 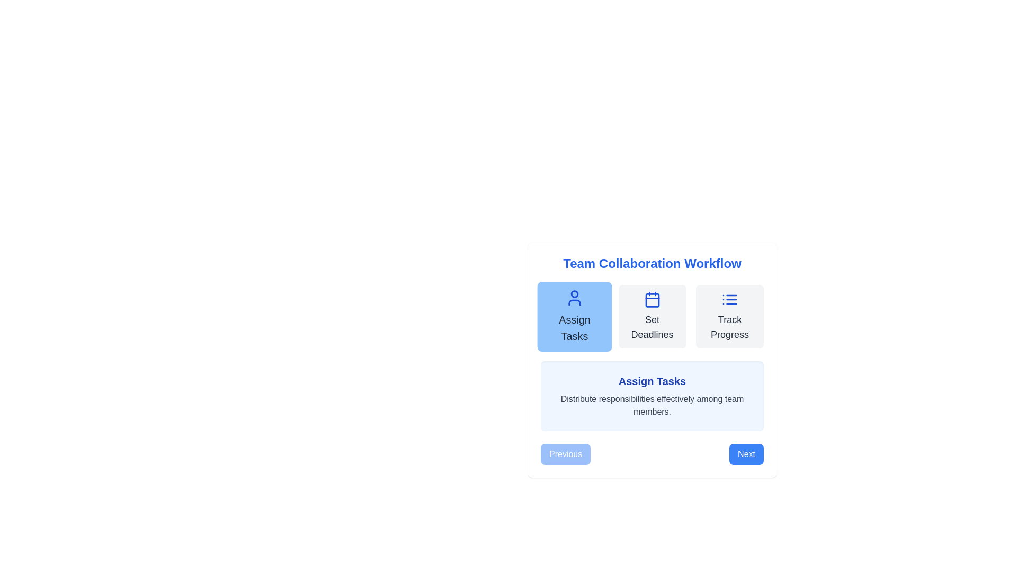 I want to click on the non-interactive text label that serves as the title for the section dedicated to assigning tasks, located at the top of the central section within a rounded rectangular box, so click(x=652, y=381).